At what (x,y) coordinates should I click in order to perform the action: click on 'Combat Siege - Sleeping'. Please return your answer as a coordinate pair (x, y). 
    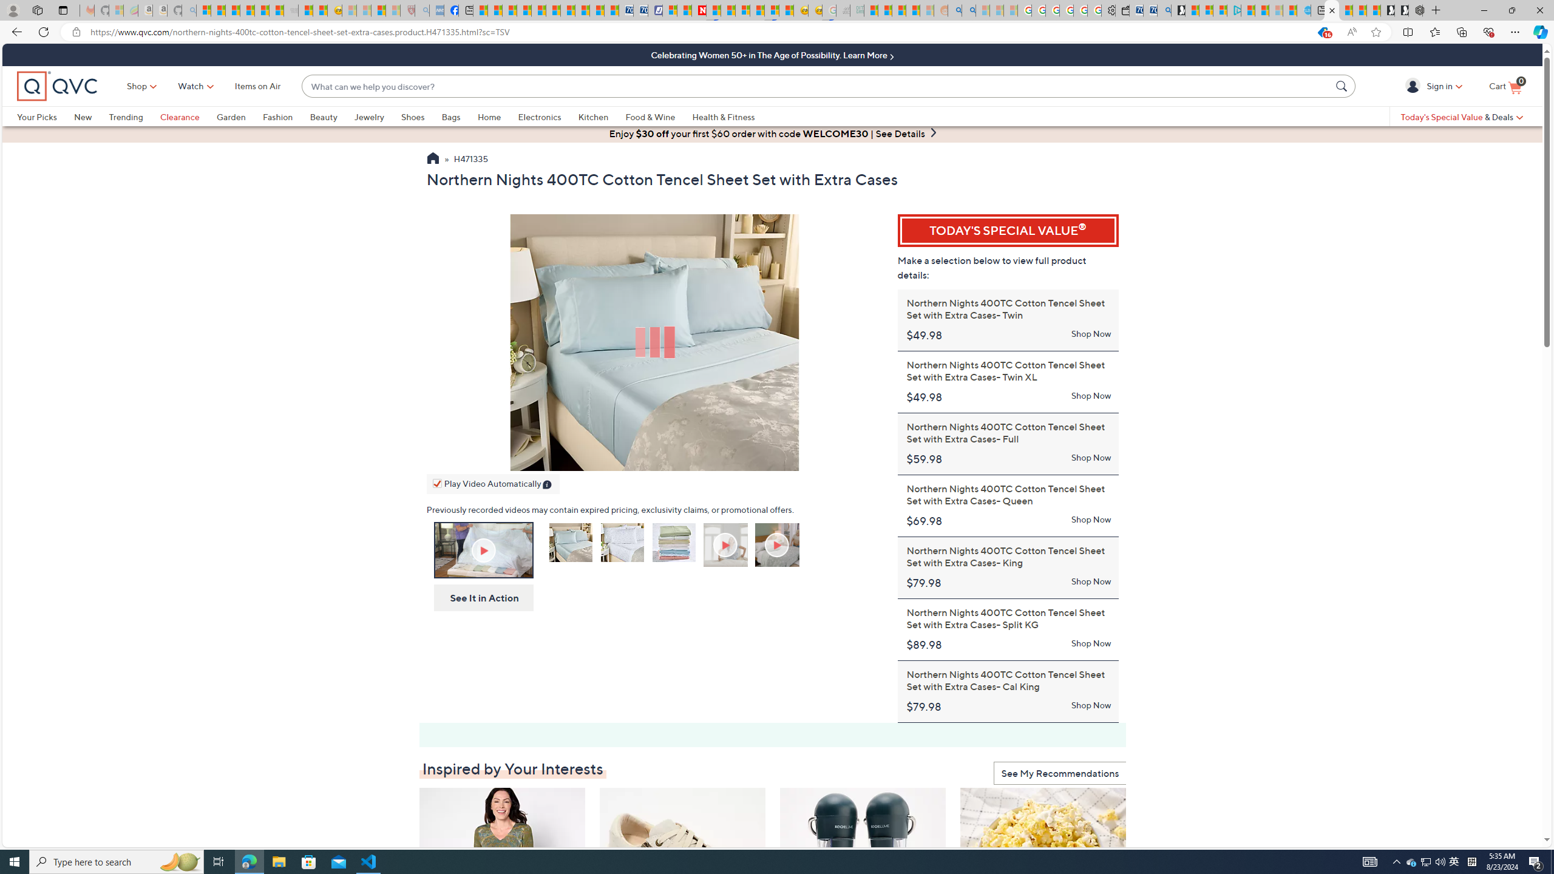
    Looking at the image, I should click on (290, 10).